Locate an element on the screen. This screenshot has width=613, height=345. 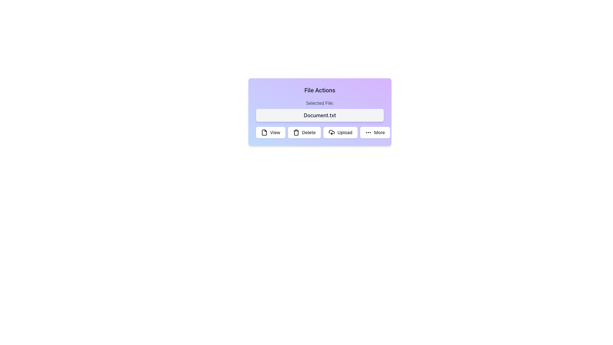
the interactive upload button located in the 'File Actions' section, which is the third button in a horizontal row is located at coordinates (340, 132).